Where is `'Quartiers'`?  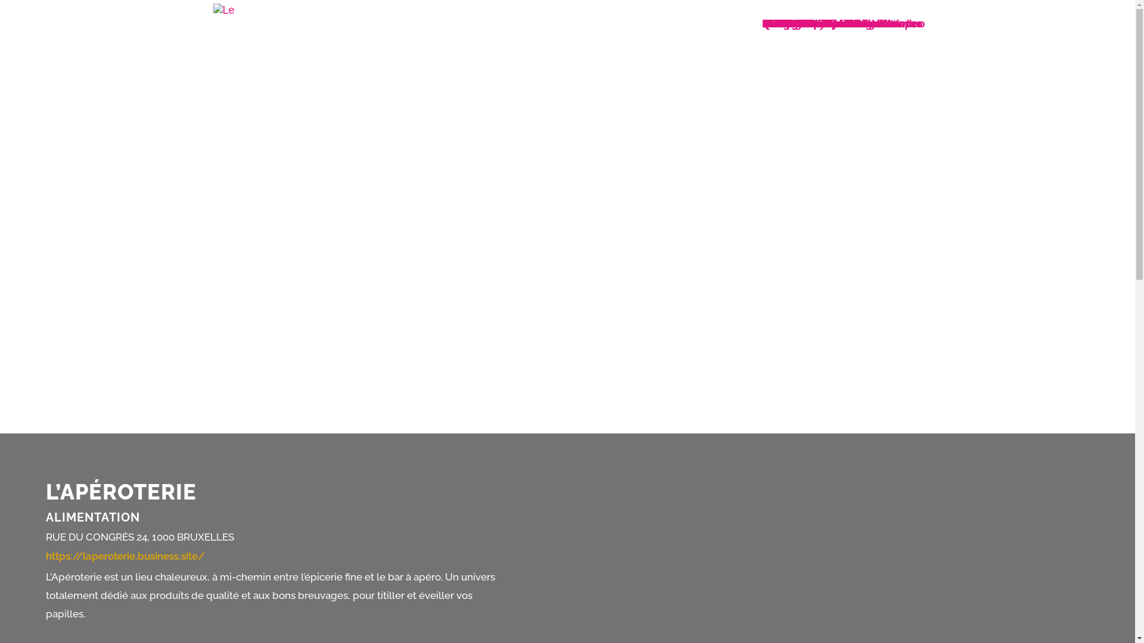 'Quartiers' is located at coordinates (786, 23).